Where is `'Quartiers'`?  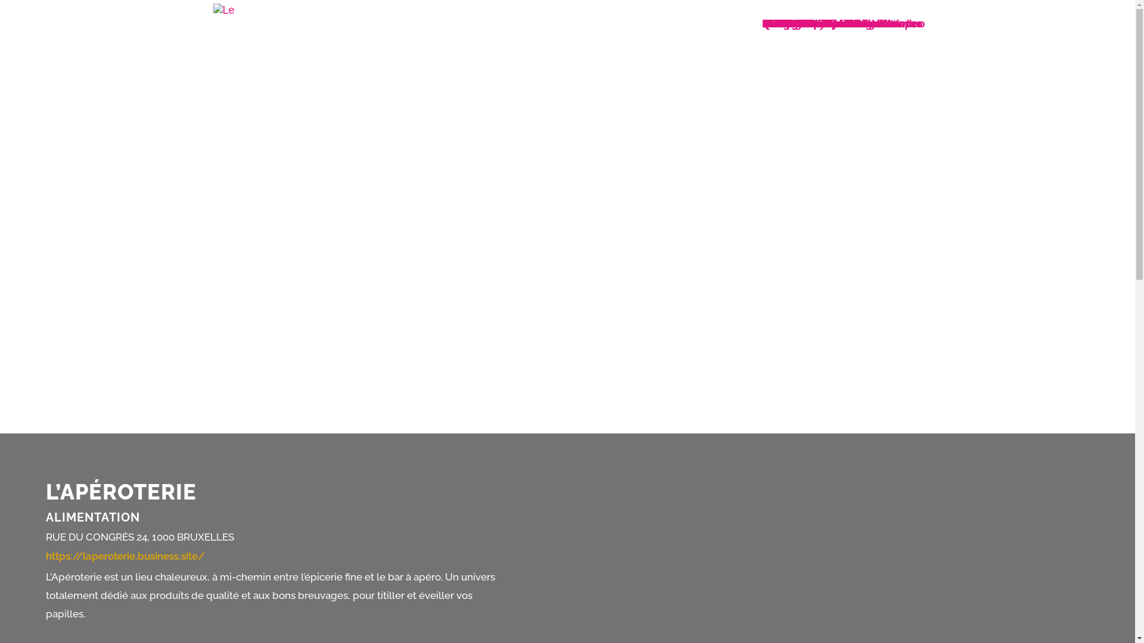 'Quartiers' is located at coordinates (786, 23).